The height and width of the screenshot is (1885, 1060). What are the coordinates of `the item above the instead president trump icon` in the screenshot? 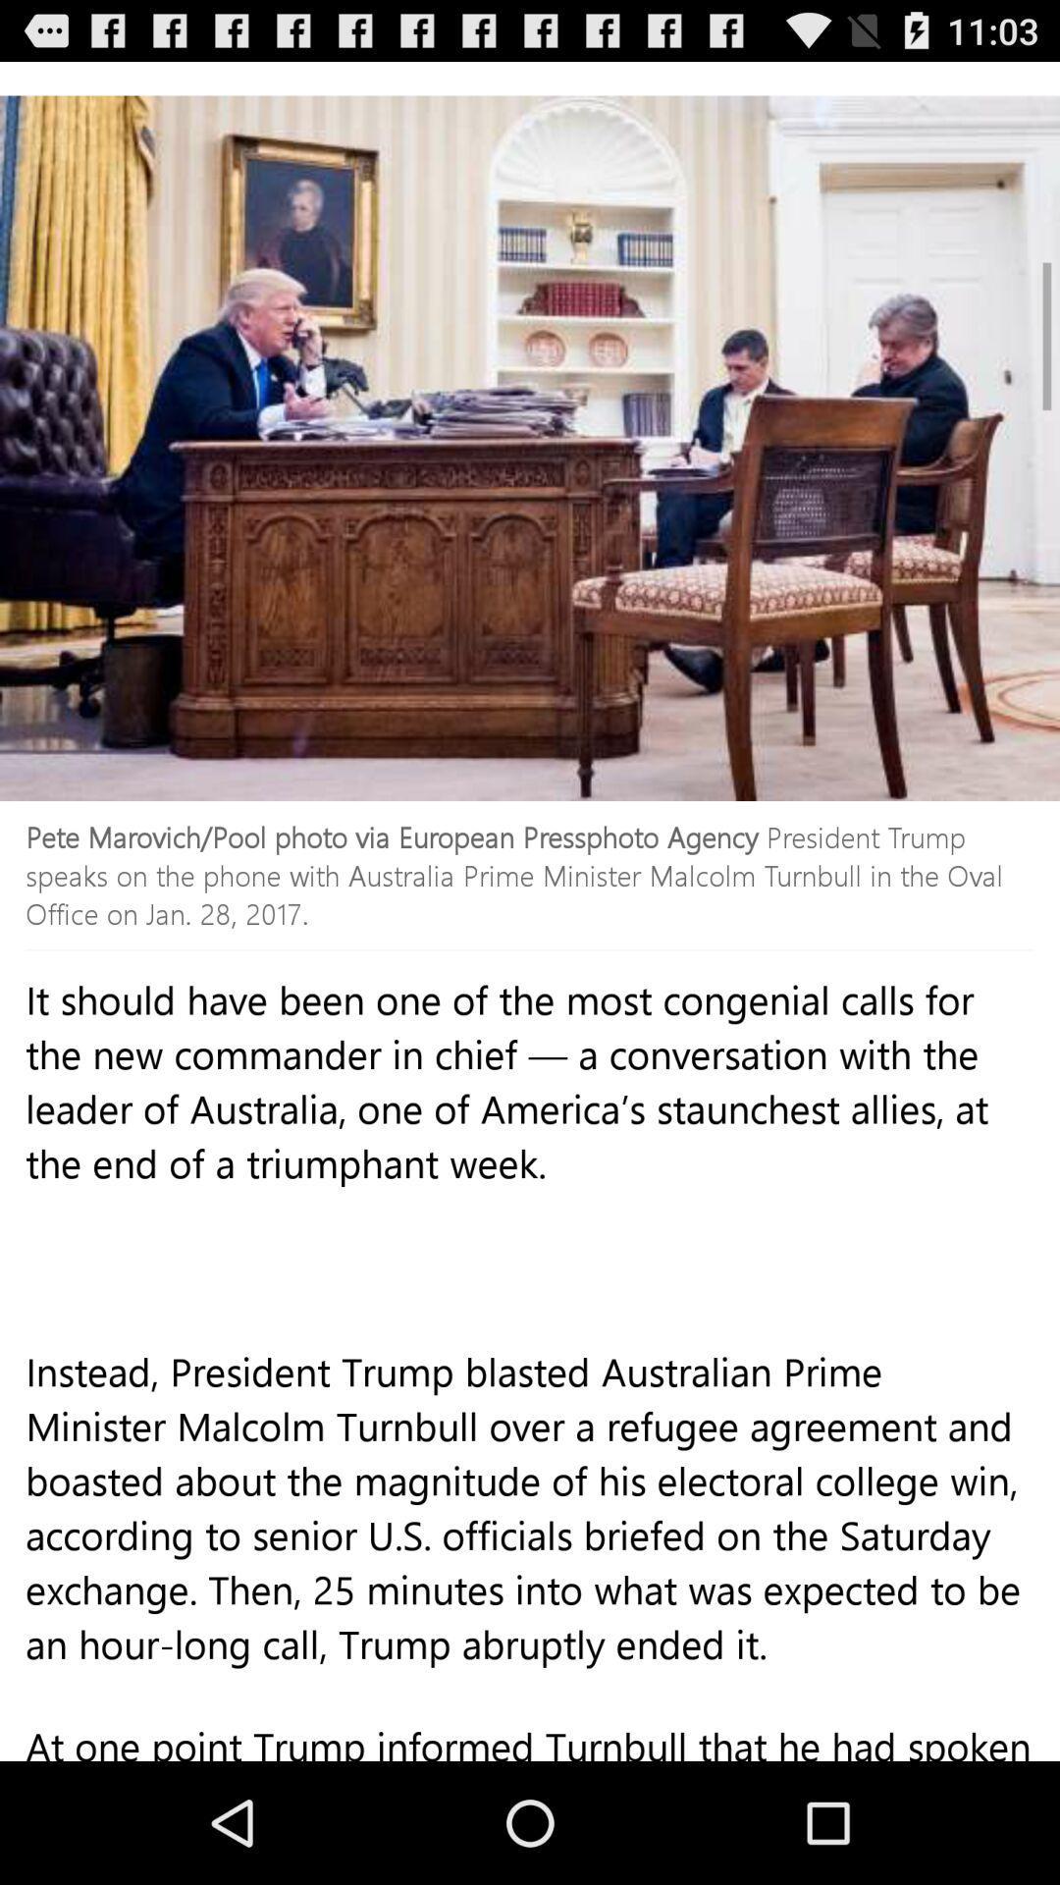 It's located at (530, 1176).